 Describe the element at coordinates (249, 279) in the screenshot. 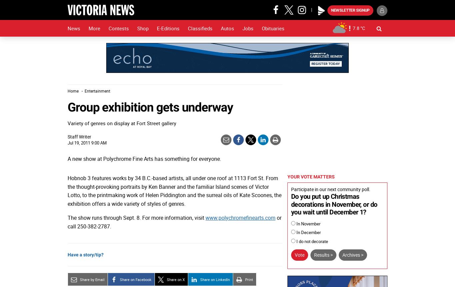

I see `'Print'` at that location.